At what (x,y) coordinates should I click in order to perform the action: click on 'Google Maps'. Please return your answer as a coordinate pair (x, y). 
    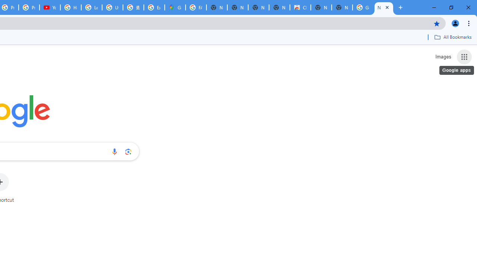
    Looking at the image, I should click on (174, 7).